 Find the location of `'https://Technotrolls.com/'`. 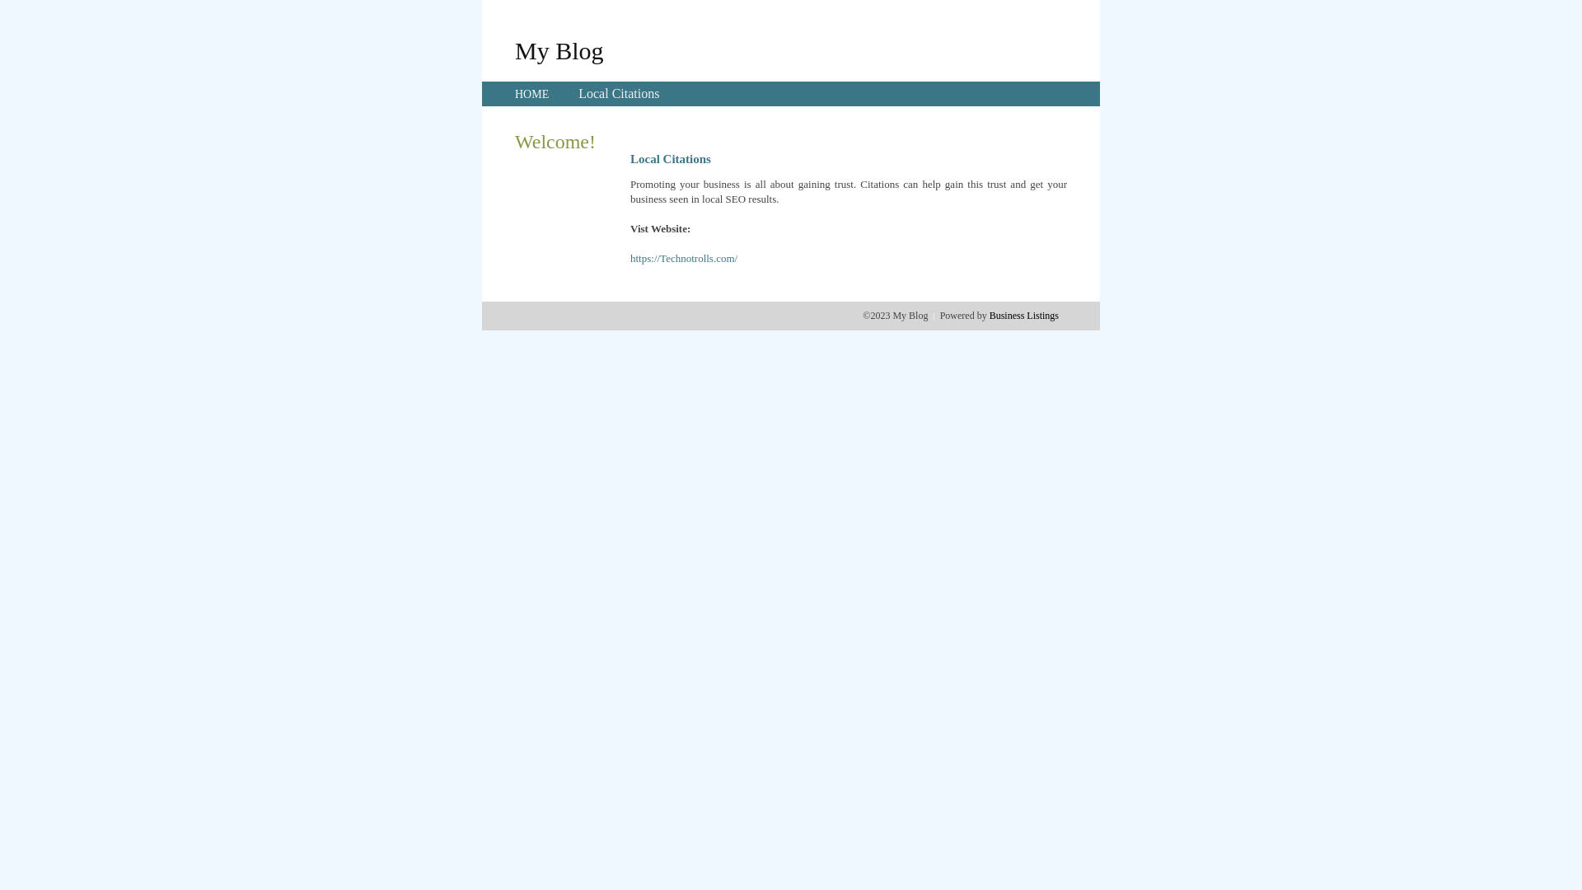

'https://Technotrolls.com/' is located at coordinates (684, 258).